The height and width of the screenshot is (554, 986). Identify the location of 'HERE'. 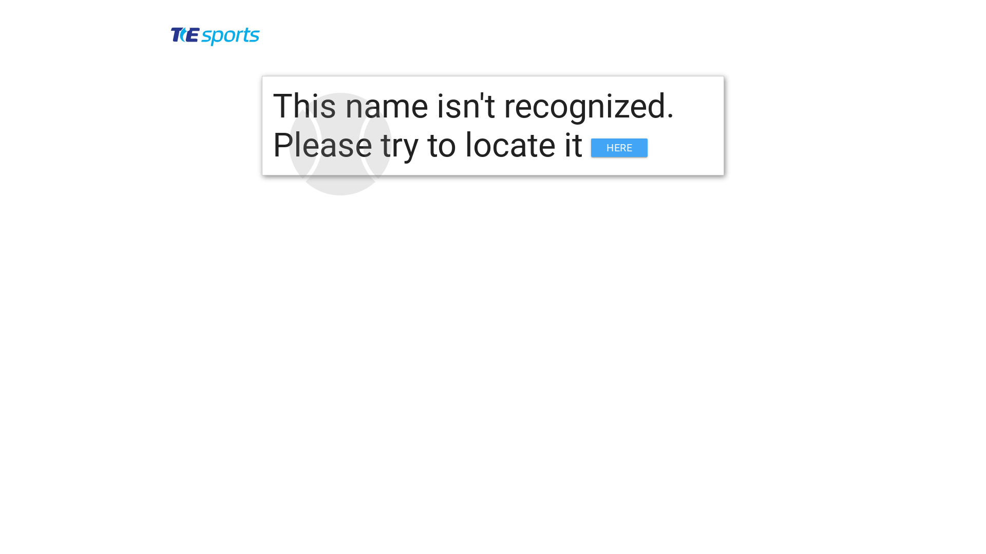
(618, 148).